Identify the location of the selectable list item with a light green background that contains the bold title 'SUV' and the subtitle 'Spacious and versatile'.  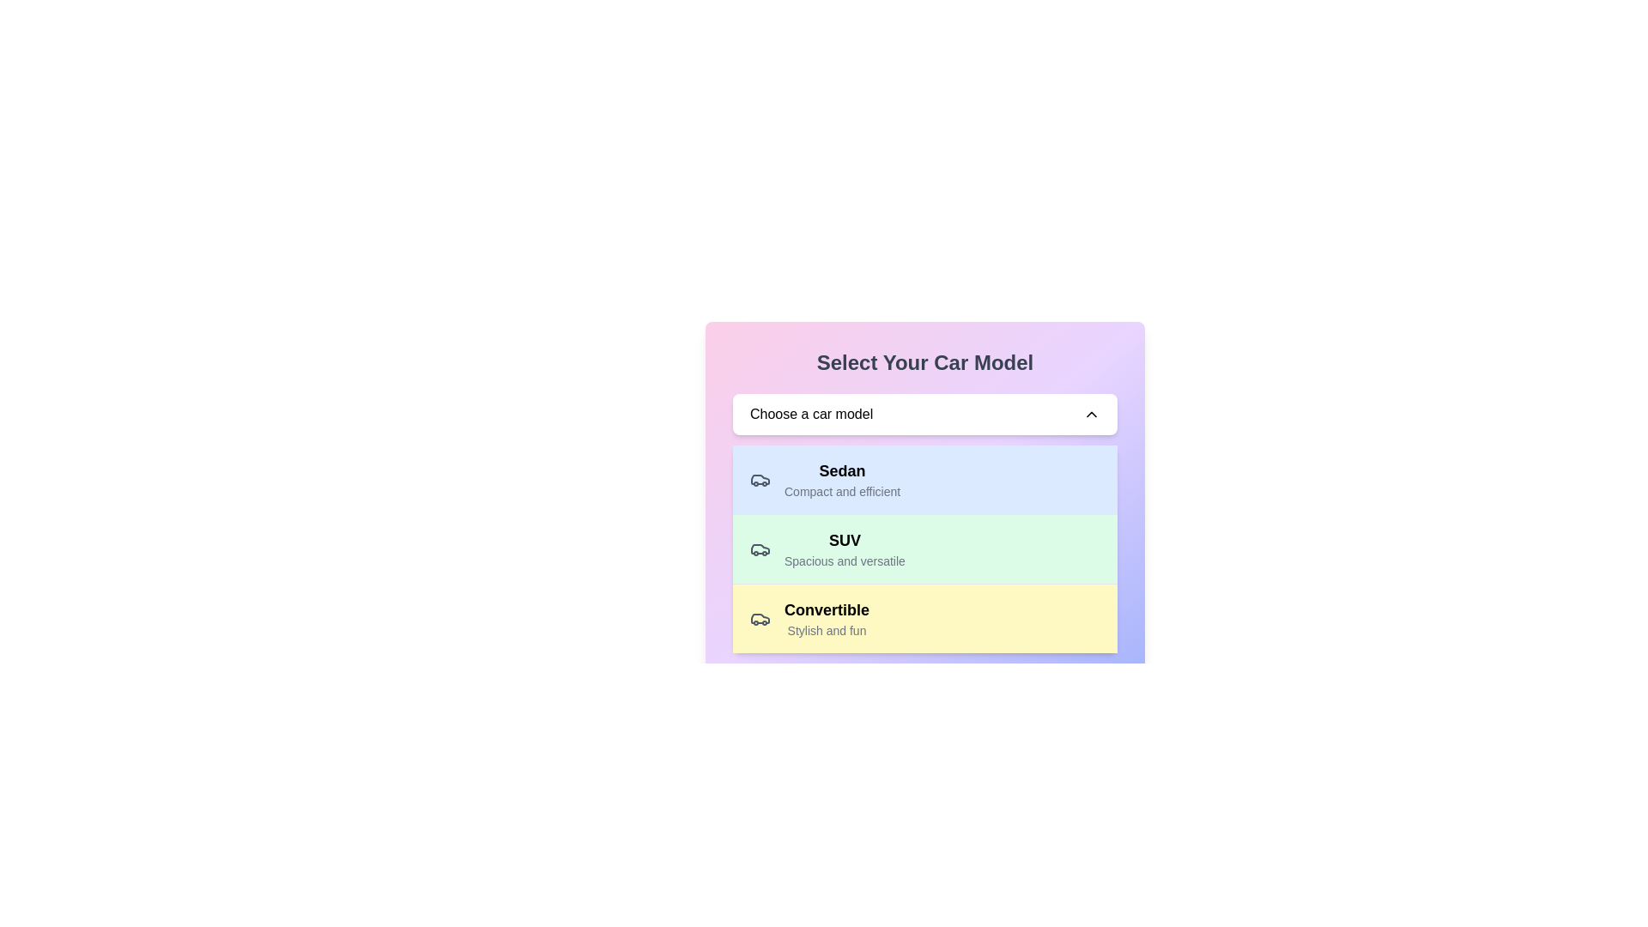
(924, 548).